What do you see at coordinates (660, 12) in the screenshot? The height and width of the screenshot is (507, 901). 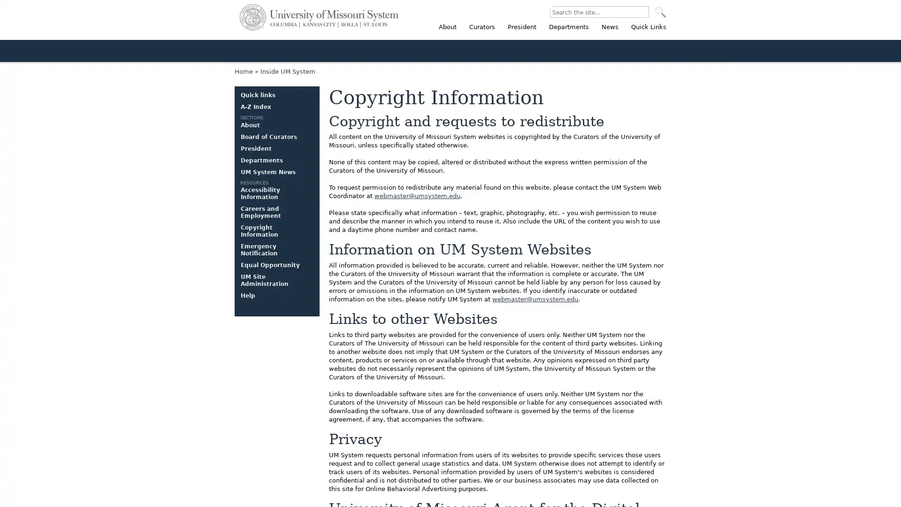 I see `SEARCH` at bounding box center [660, 12].